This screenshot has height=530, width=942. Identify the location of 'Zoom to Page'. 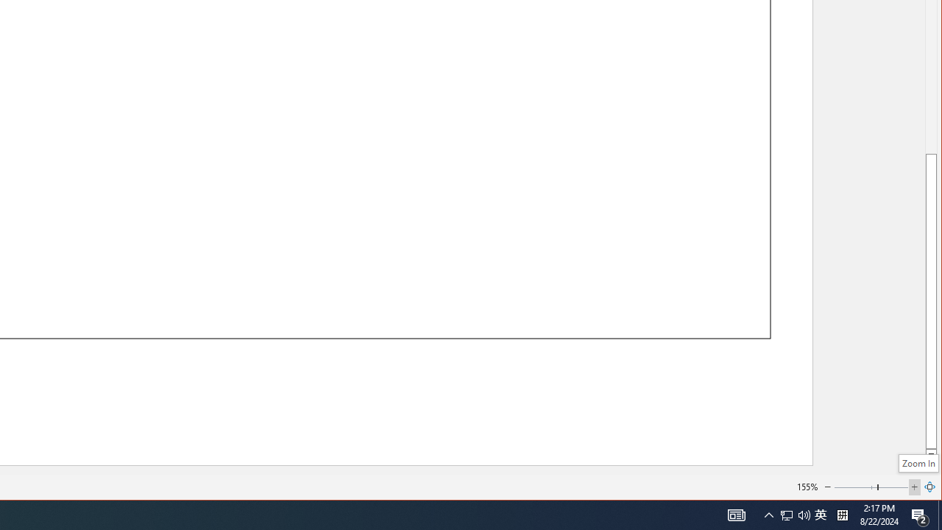
(929, 487).